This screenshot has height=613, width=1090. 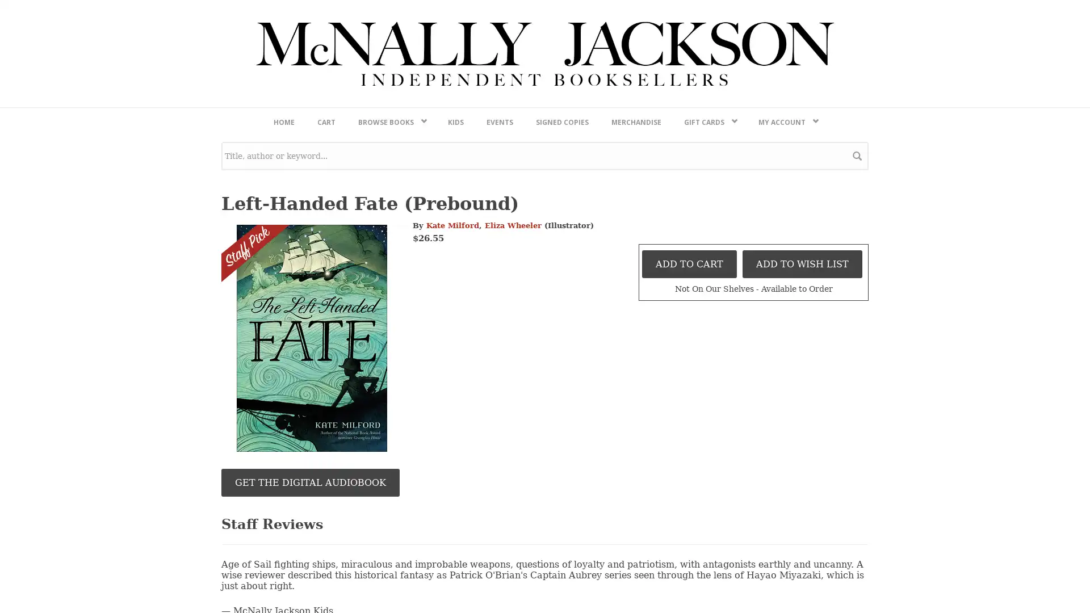 What do you see at coordinates (689, 562) in the screenshot?
I see `Add to Cart` at bounding box center [689, 562].